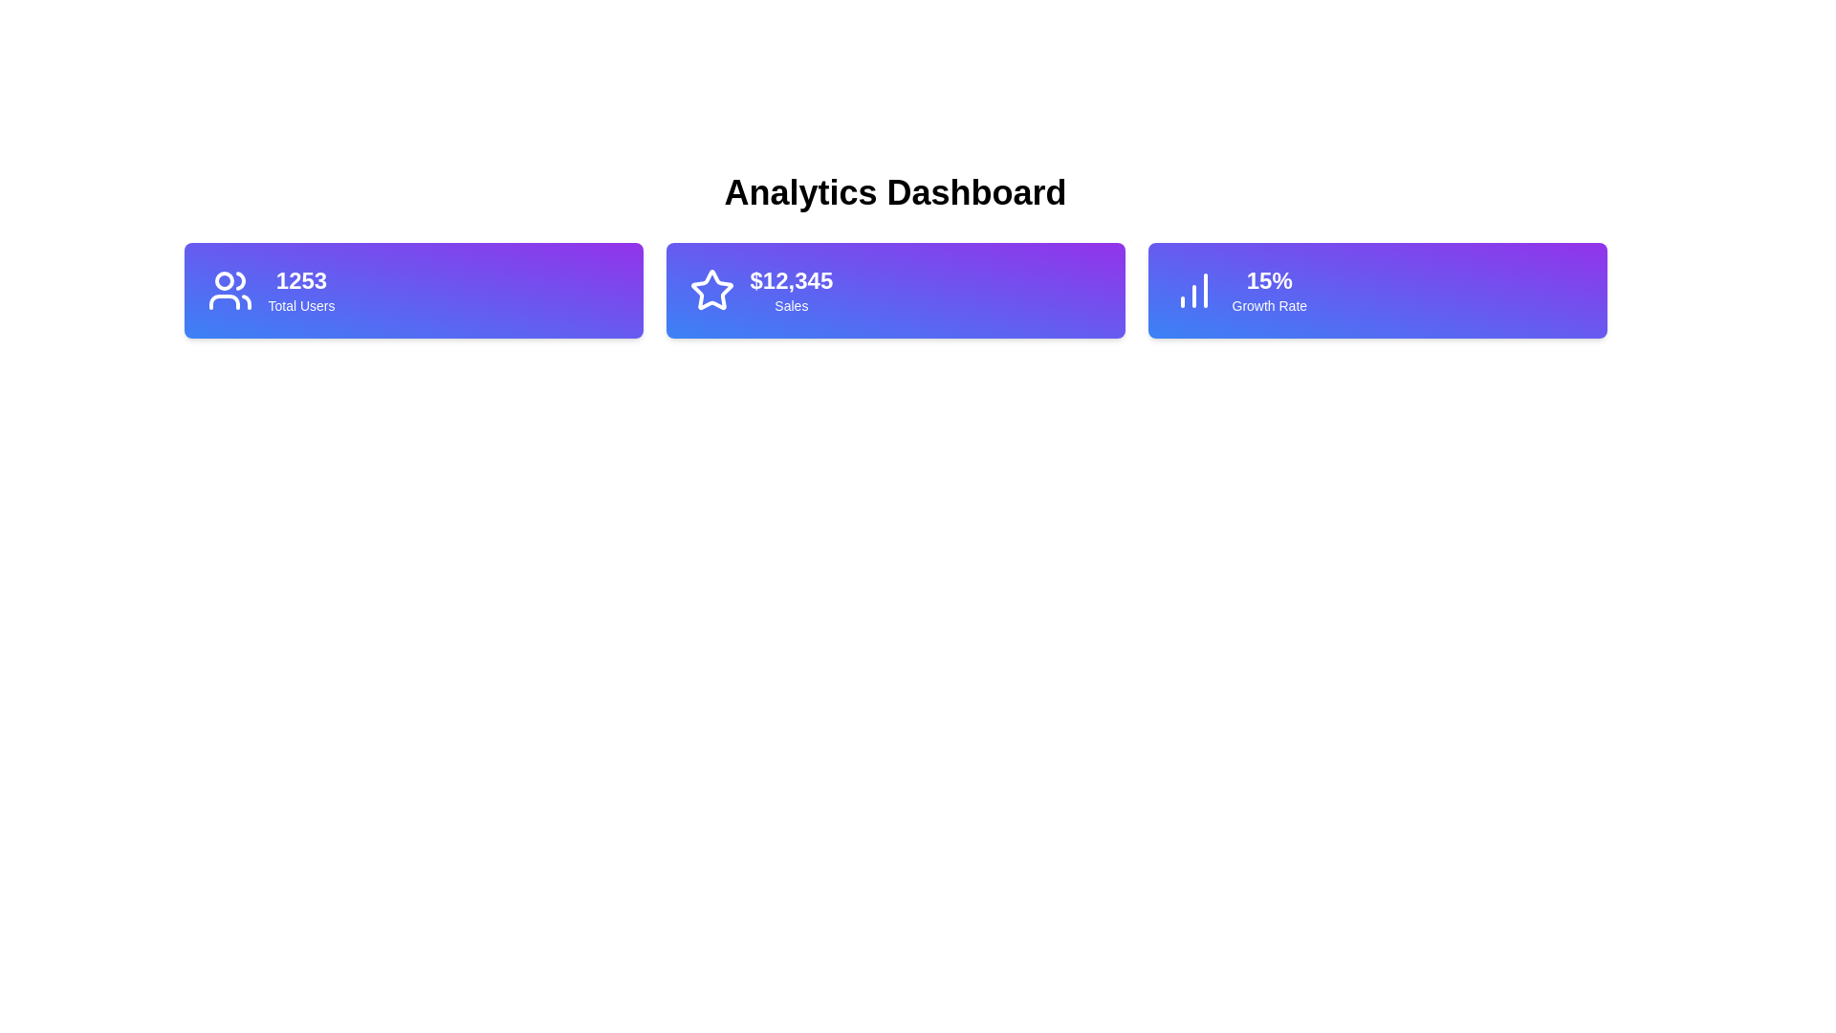 The image size is (1836, 1033). Describe the element at coordinates (229, 291) in the screenshot. I see `the 'Total Users' icon, which is an SVG graphic located at the top-left corner of the first card in the dashboard row, preceding the text '1253 Total Users'` at that location.